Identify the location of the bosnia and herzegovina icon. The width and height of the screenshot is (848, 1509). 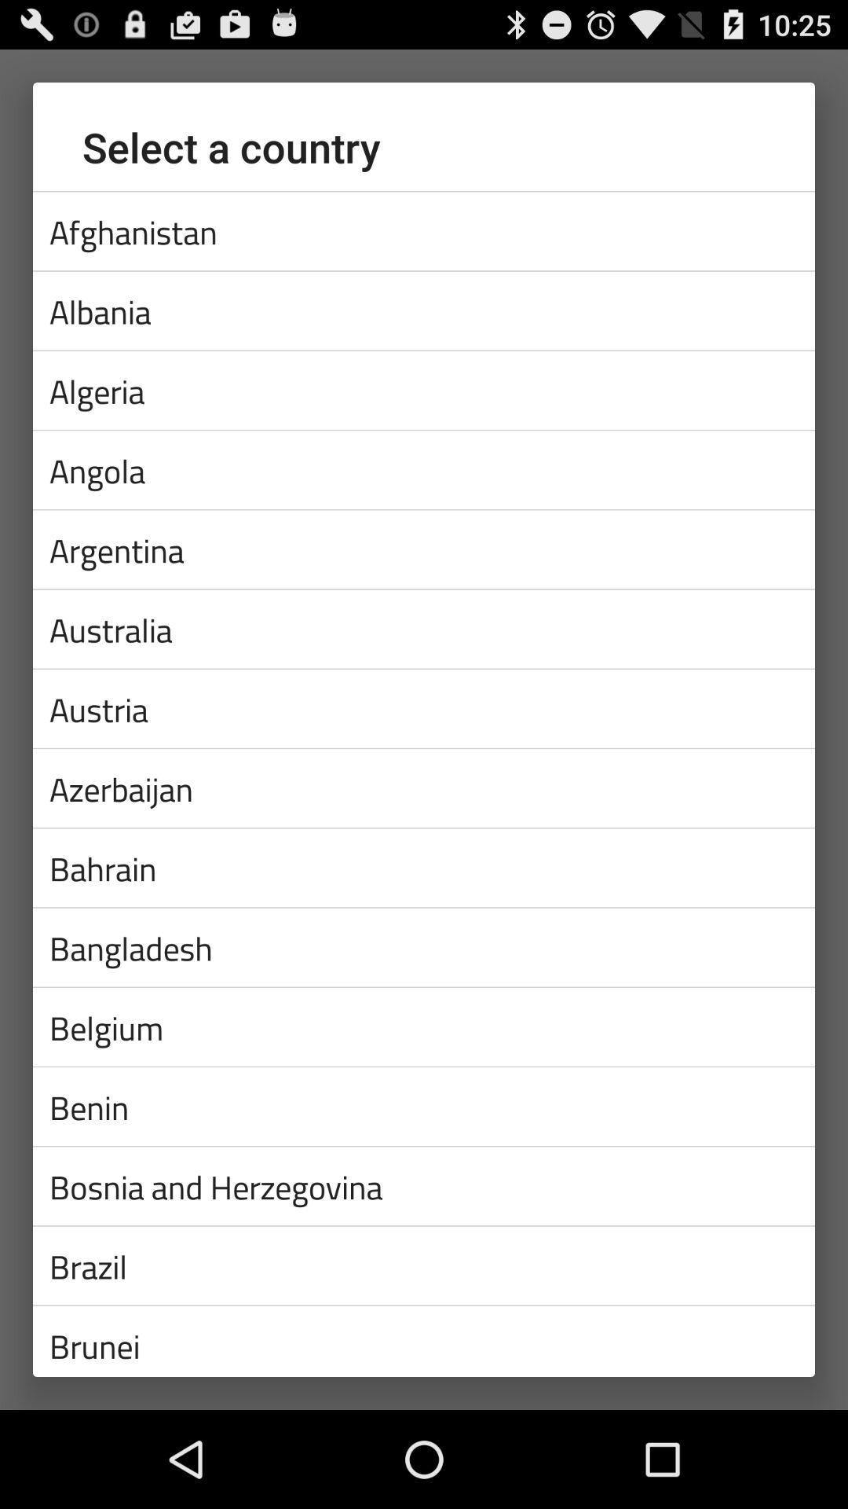
(424, 1186).